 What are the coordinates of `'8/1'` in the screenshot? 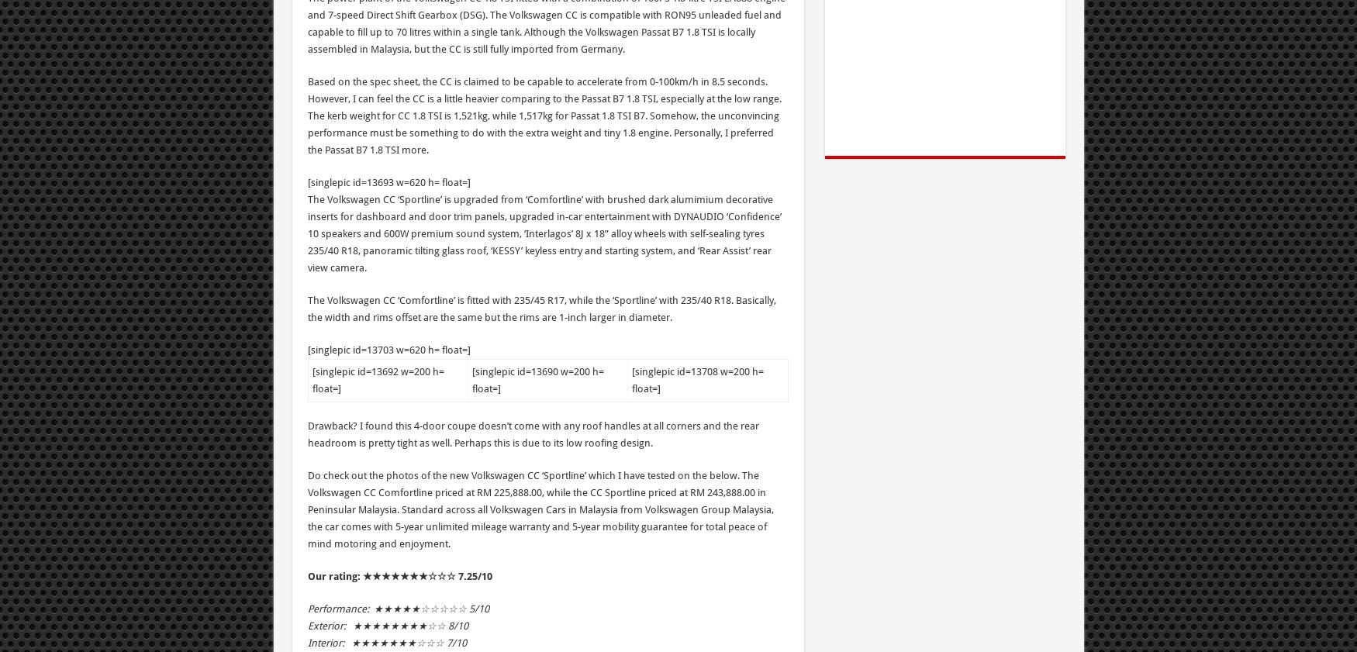 It's located at (454, 625).